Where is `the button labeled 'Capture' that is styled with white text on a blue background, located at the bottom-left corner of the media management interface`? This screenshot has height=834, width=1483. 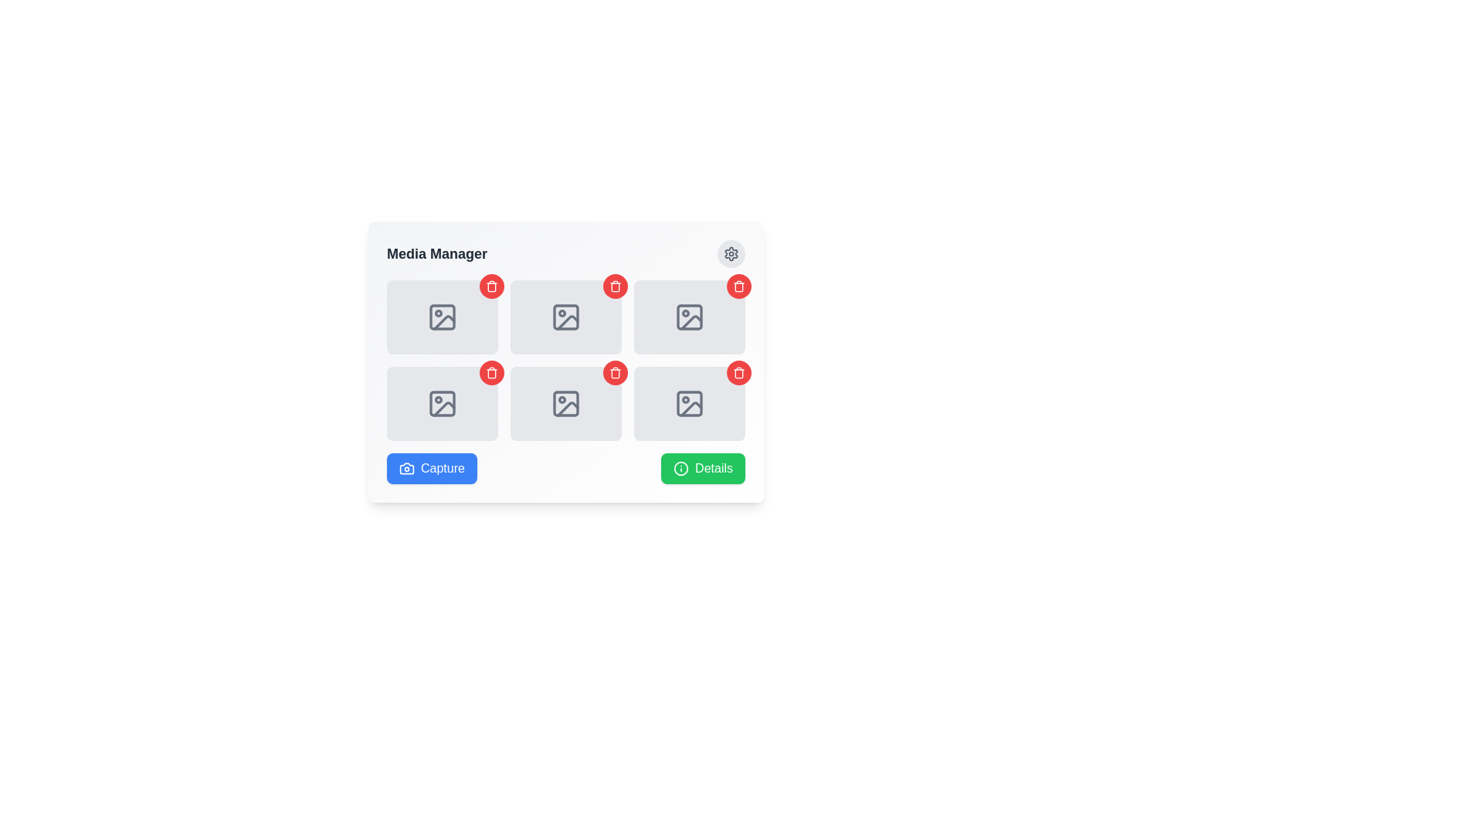
the button labeled 'Capture' that is styled with white text on a blue background, located at the bottom-left corner of the media management interface is located at coordinates (442, 467).